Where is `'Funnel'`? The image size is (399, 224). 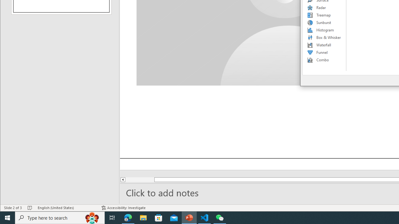 'Funnel' is located at coordinates (324, 52).